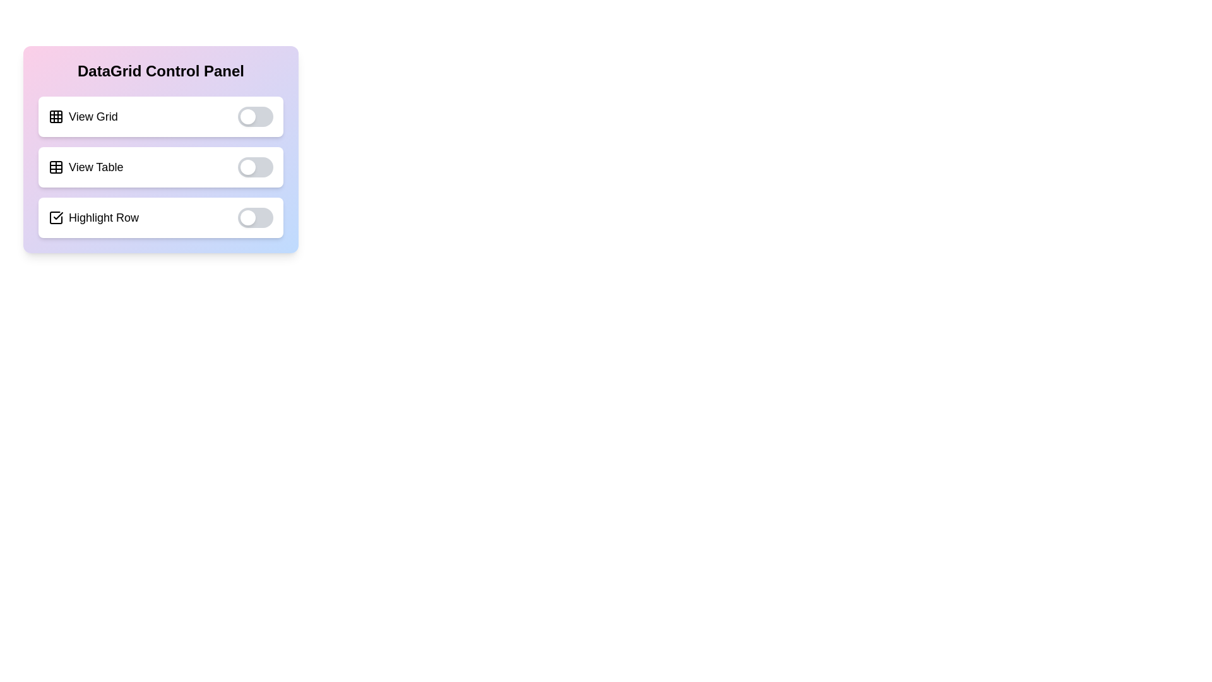 Image resolution: width=1212 pixels, height=682 pixels. I want to click on the 'Highlight Row' toggle switch to change its state, so click(254, 217).